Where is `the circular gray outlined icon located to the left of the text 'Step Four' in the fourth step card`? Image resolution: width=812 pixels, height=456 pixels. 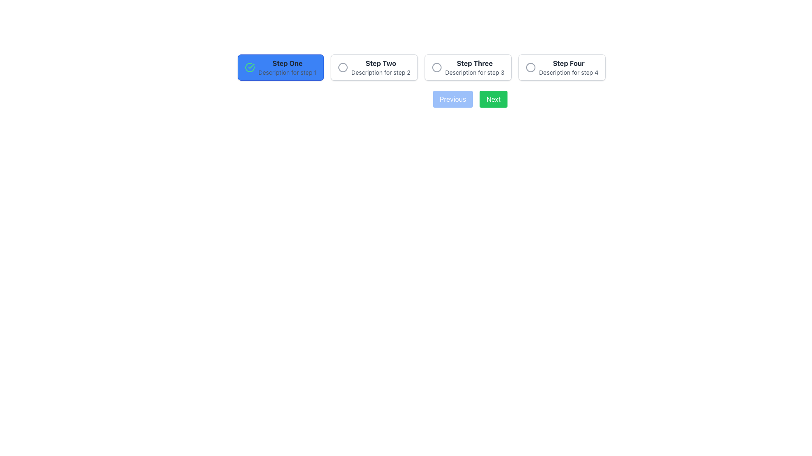
the circular gray outlined icon located to the left of the text 'Step Four' in the fourth step card is located at coordinates (530, 67).